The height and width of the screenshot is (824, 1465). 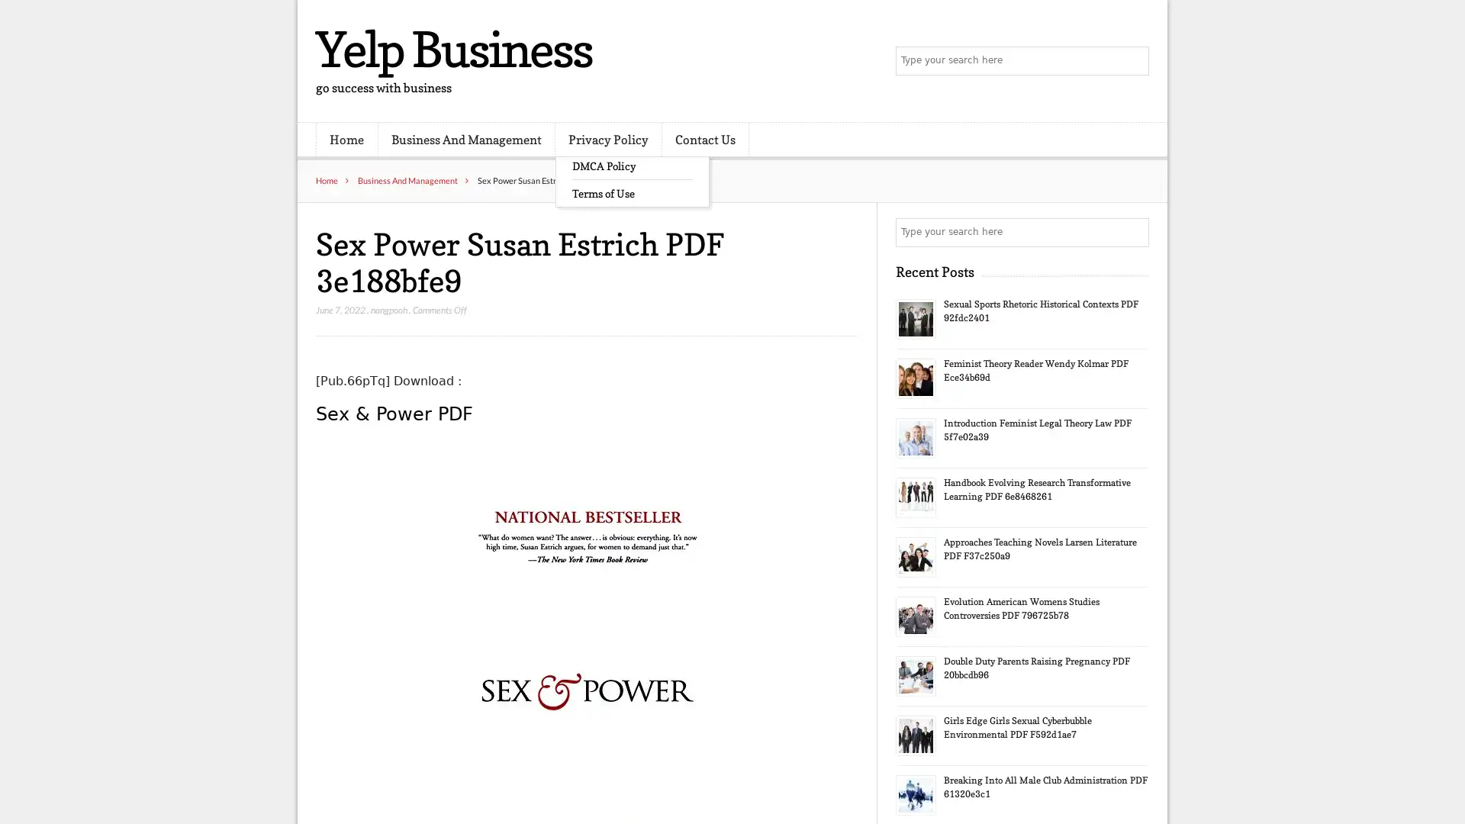 I want to click on Search, so click(x=1133, y=61).